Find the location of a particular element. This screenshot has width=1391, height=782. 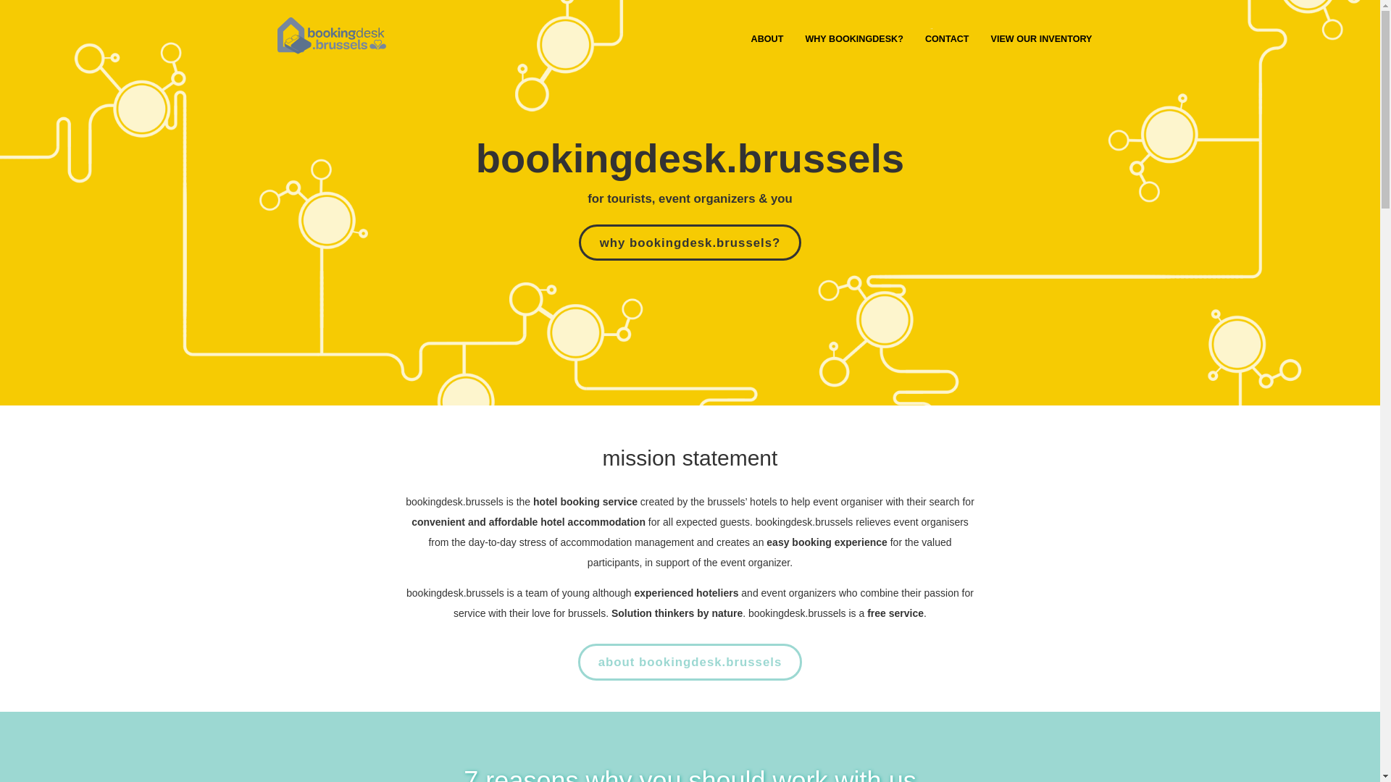

'why bookingdesk.brussels?' is located at coordinates (577, 242).